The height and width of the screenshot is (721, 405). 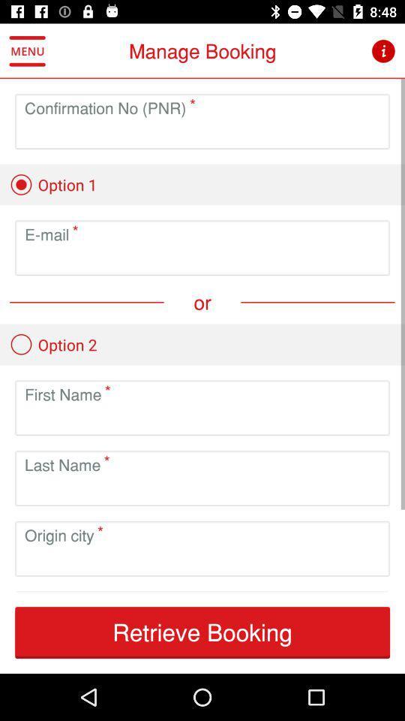 I want to click on the icon to the left of manage booking item, so click(x=27, y=51).